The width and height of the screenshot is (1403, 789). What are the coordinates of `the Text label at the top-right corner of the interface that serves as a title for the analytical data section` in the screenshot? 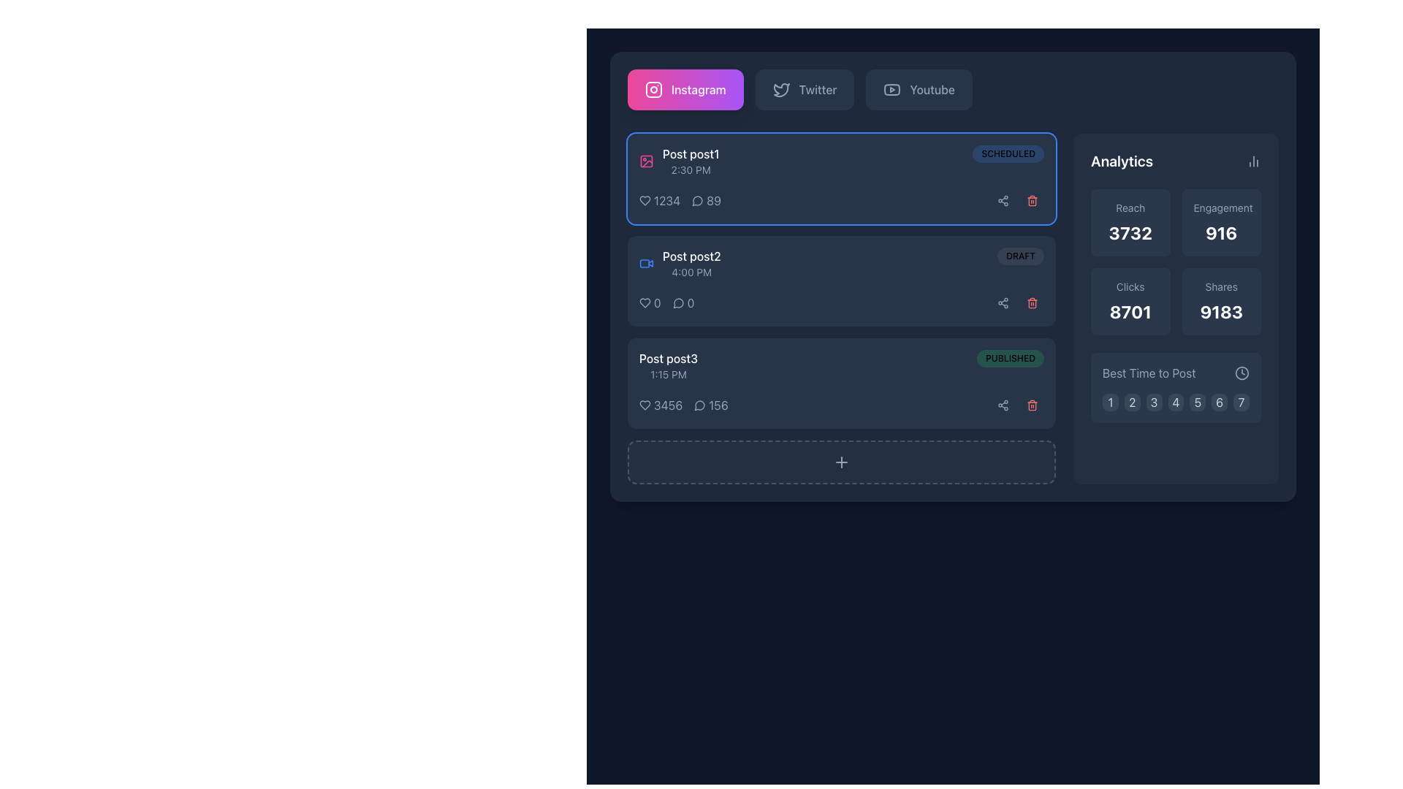 It's located at (1121, 161).